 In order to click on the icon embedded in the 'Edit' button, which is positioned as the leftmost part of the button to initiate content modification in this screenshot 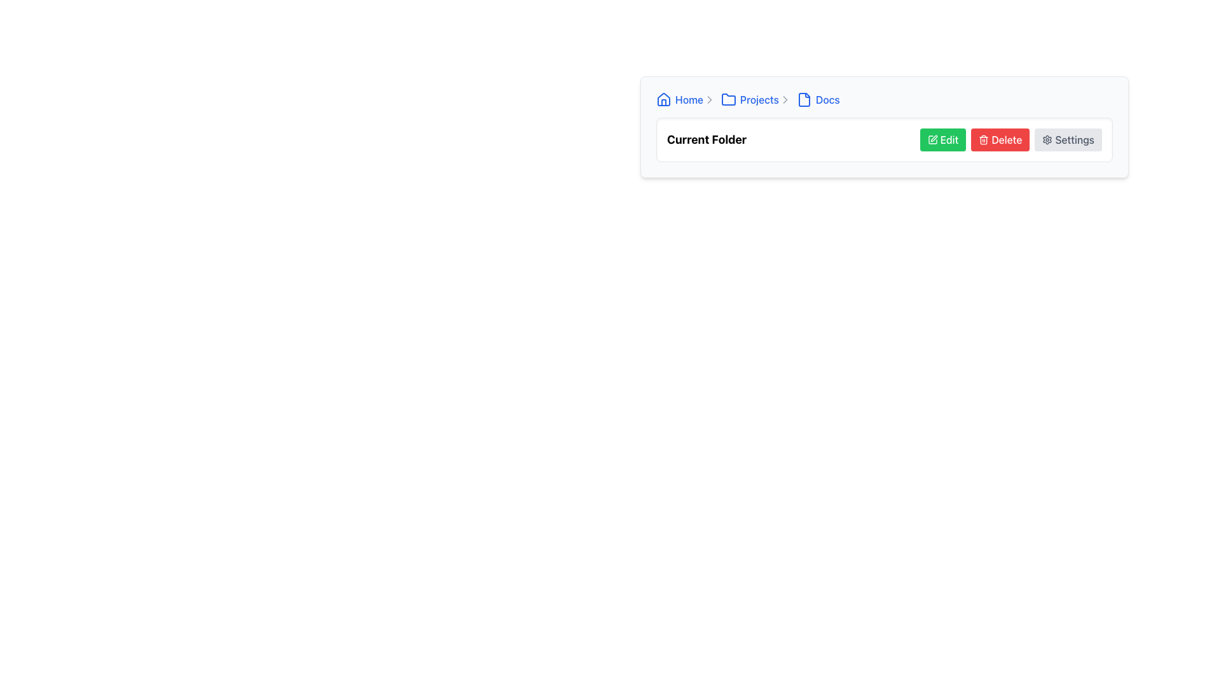, I will do `click(932, 139)`.